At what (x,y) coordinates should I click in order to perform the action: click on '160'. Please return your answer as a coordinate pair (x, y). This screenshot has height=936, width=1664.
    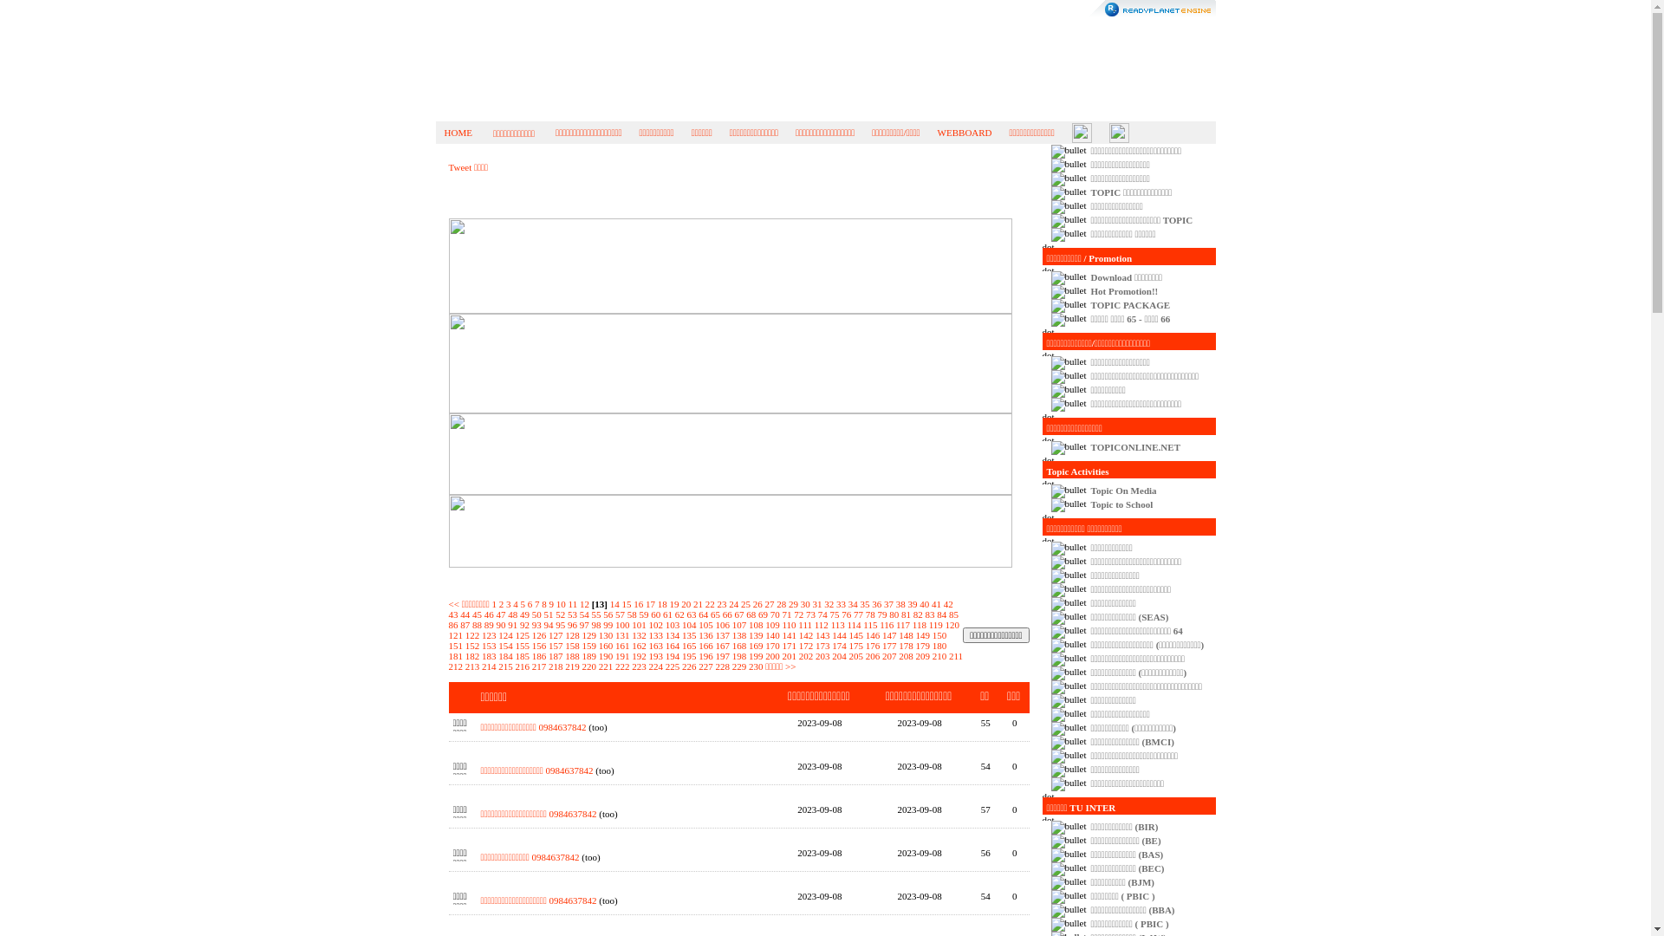
    Looking at the image, I should click on (606, 645).